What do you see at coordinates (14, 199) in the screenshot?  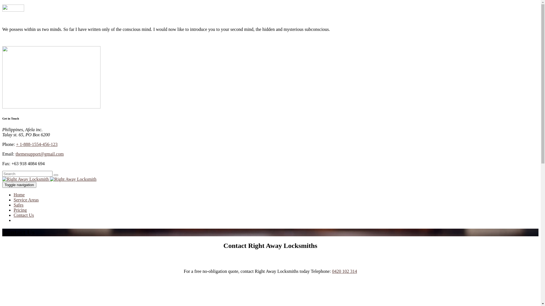 I see `'Service Areas'` at bounding box center [14, 199].